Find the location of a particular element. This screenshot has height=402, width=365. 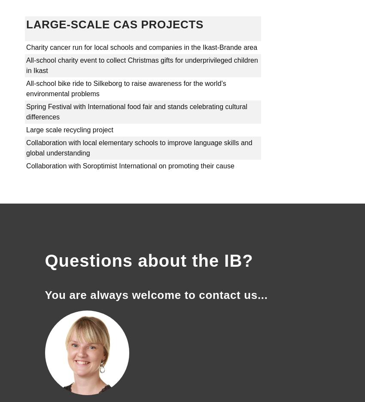

'Large scale recycling project' is located at coordinates (70, 130).